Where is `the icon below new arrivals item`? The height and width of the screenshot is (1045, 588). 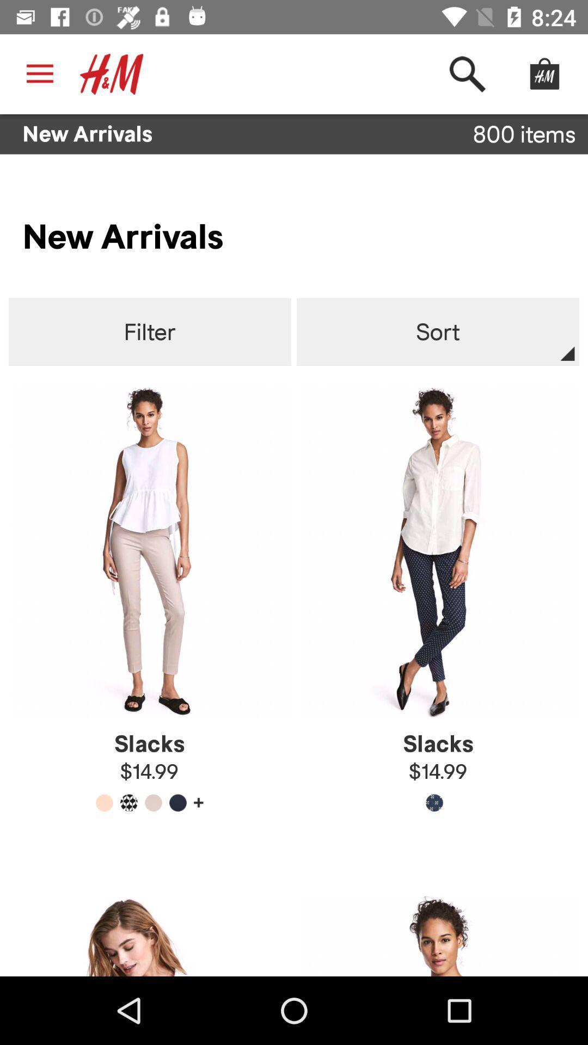
the icon below new arrivals item is located at coordinates (150, 331).